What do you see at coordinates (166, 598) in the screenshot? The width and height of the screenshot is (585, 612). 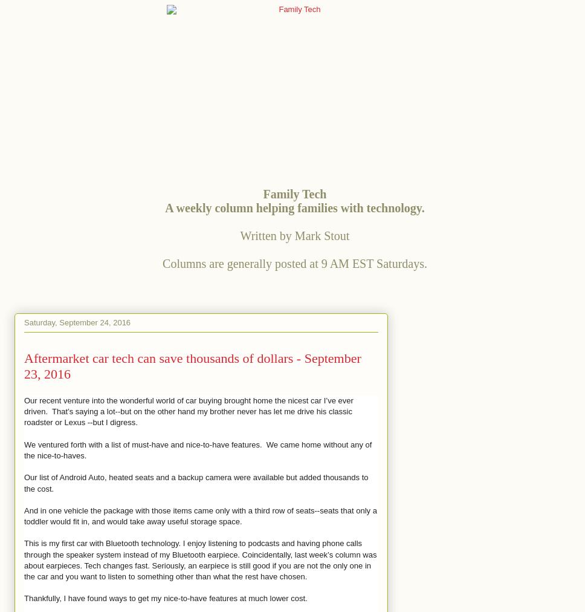 I see `'Thankfully, I have found ways to get my nice-to-have features at much lower cost.'` at bounding box center [166, 598].